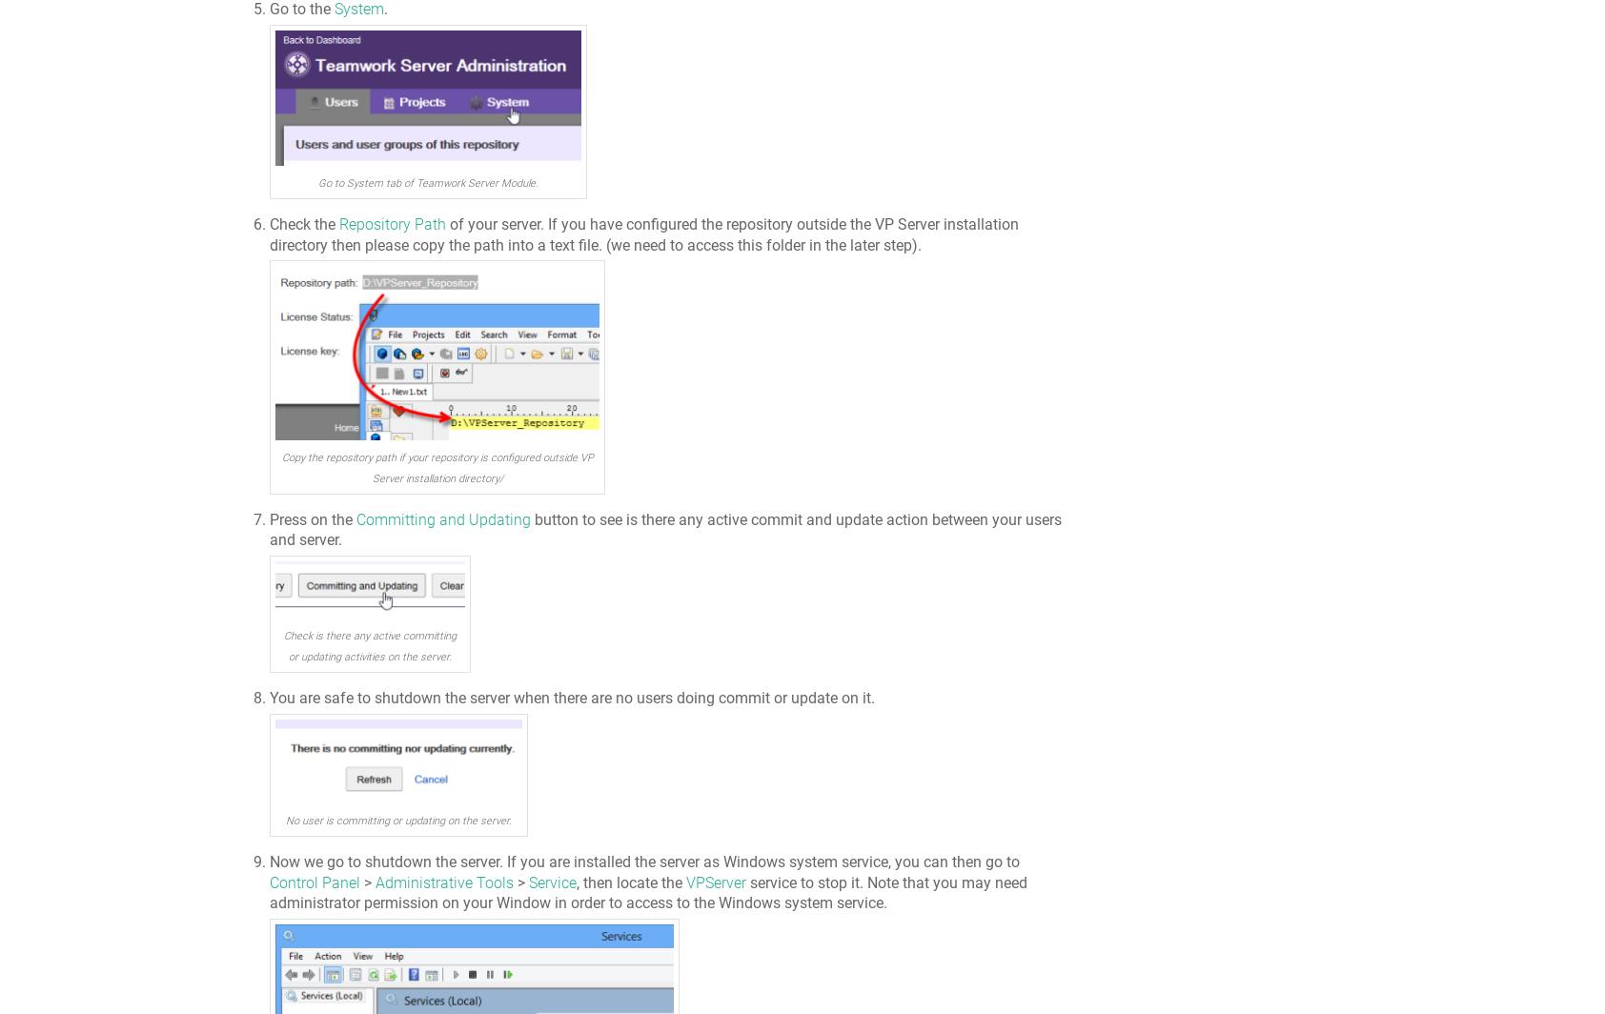  Describe the element at coordinates (551, 882) in the screenshot. I see `'Service'` at that location.